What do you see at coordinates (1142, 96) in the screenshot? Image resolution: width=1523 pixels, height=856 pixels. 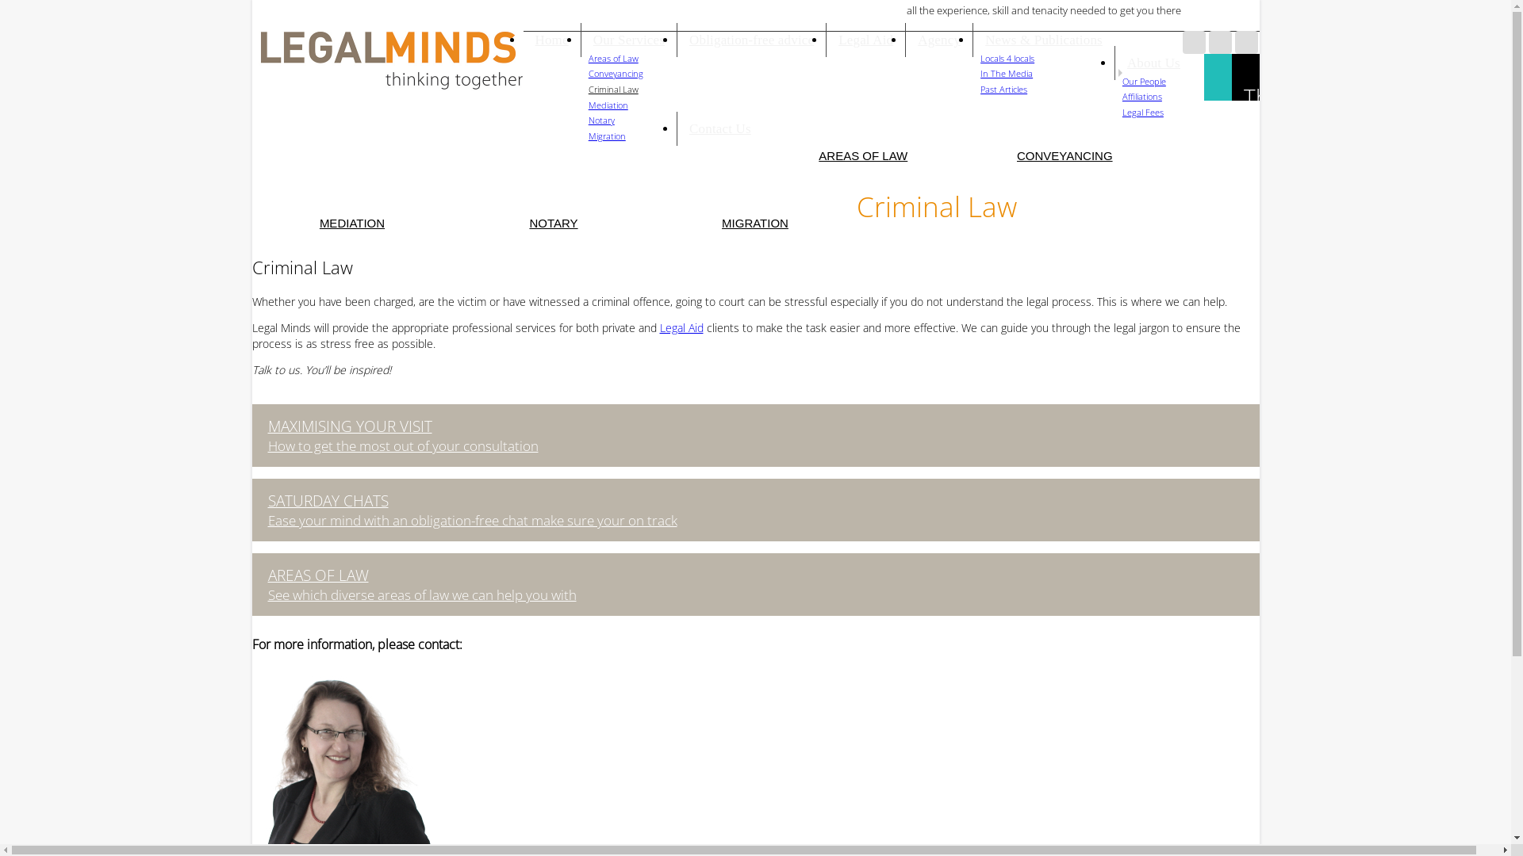 I see `'Affiliations'` at bounding box center [1142, 96].